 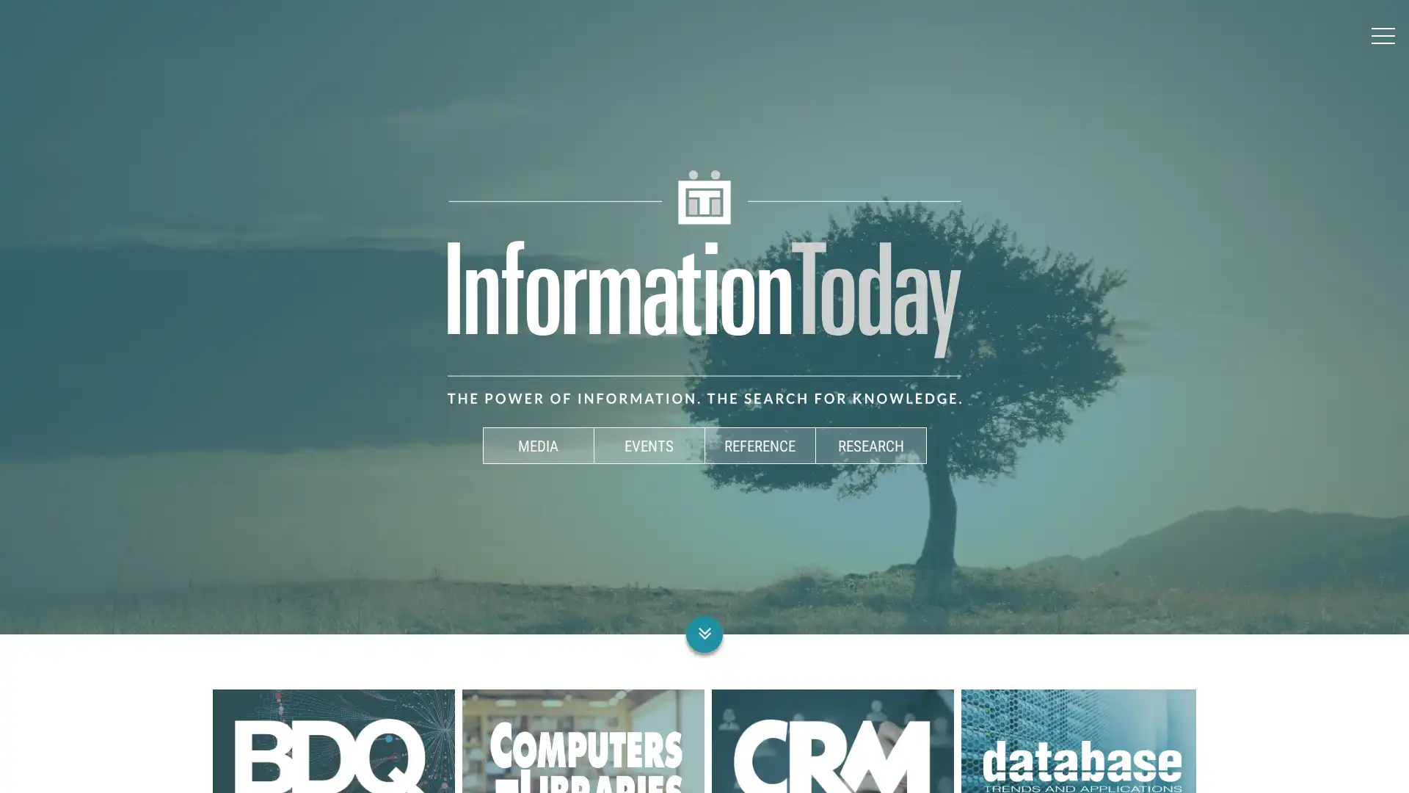 I want to click on Menu, so click(x=1383, y=36).